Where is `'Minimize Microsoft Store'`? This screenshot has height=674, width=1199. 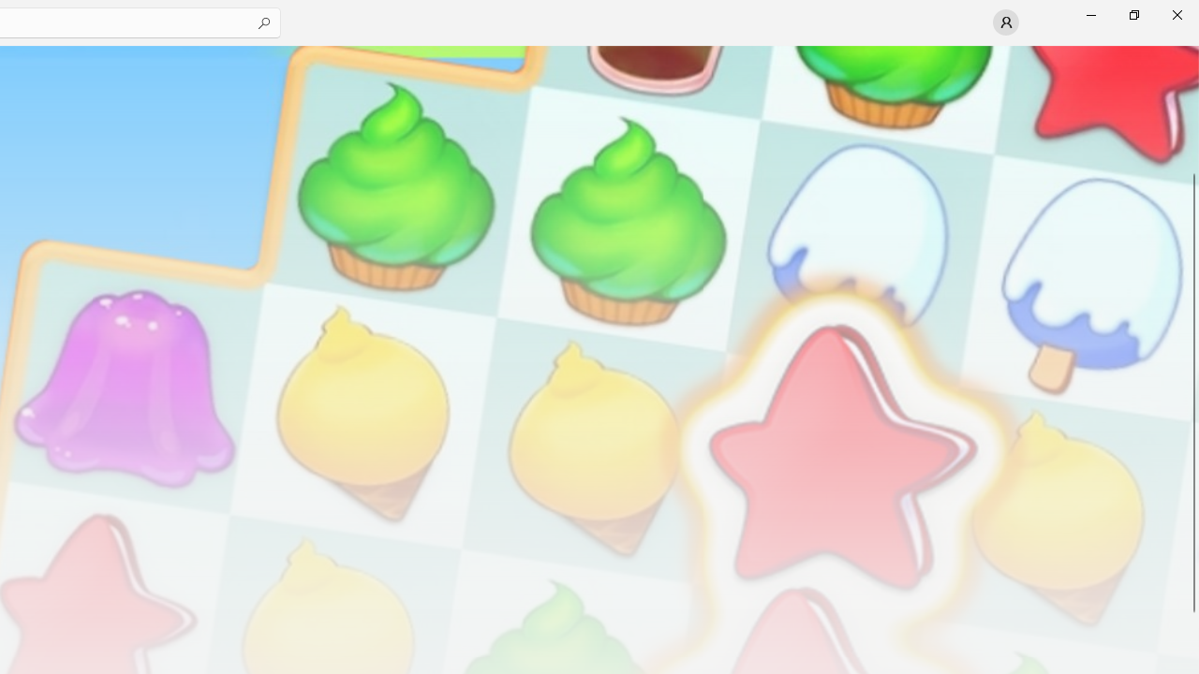
'Minimize Microsoft Store' is located at coordinates (1090, 14).